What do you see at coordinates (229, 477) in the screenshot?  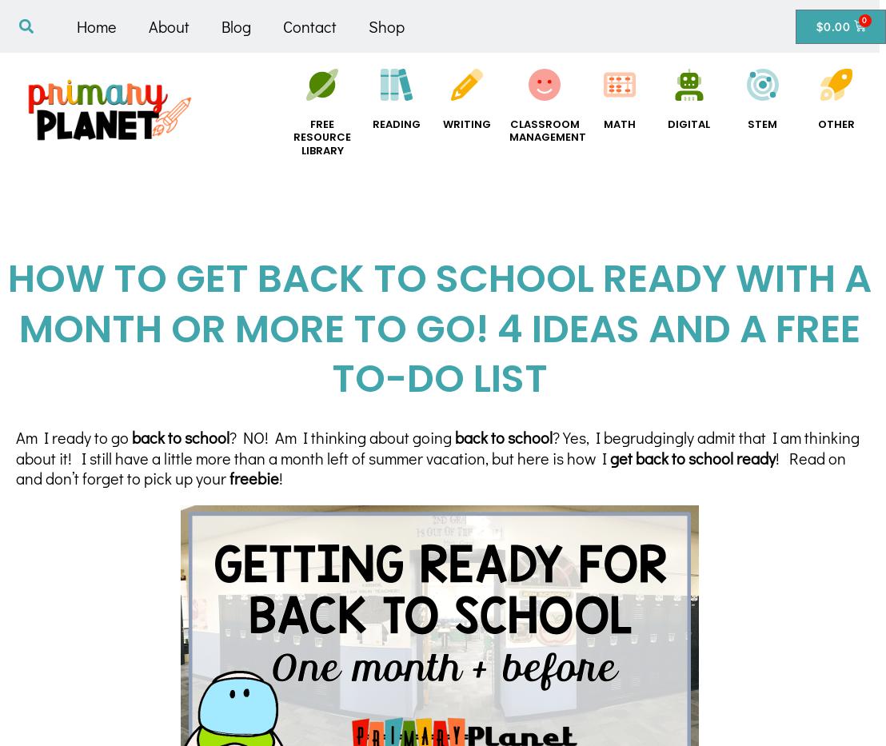 I see `'freebie'` at bounding box center [229, 477].